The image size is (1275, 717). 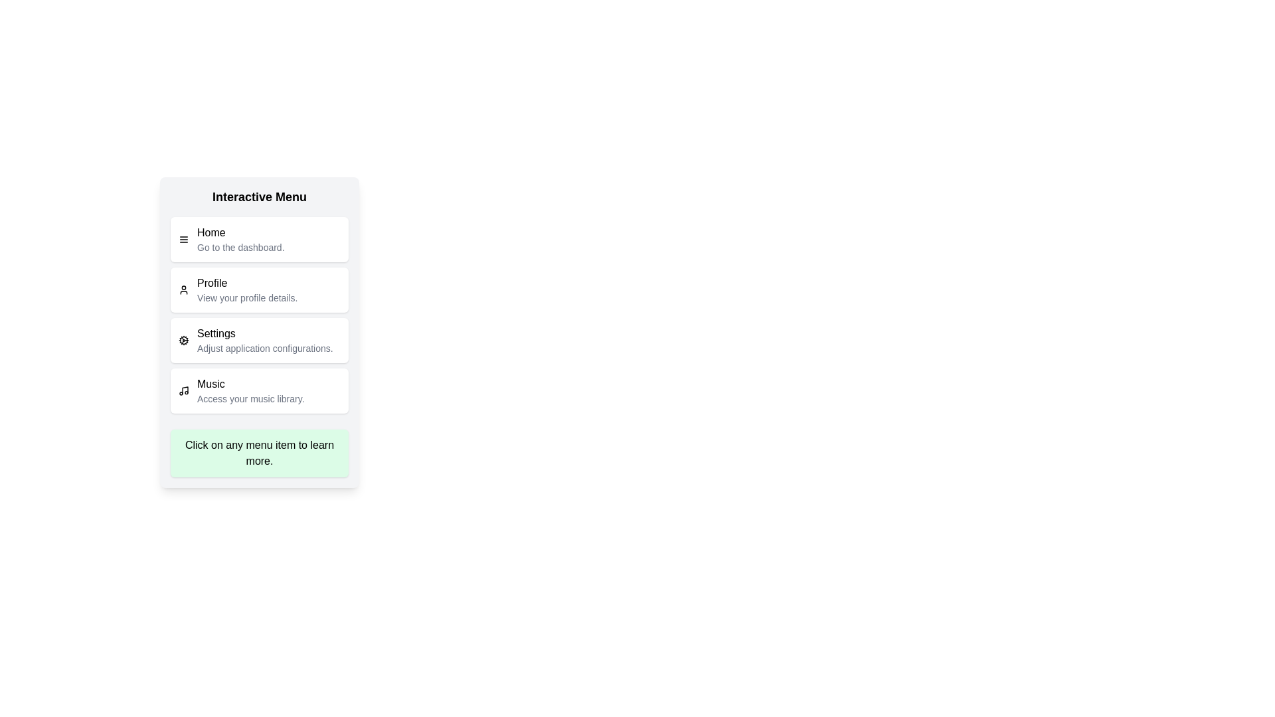 I want to click on the menu item labeled Music to view its description, so click(x=259, y=390).